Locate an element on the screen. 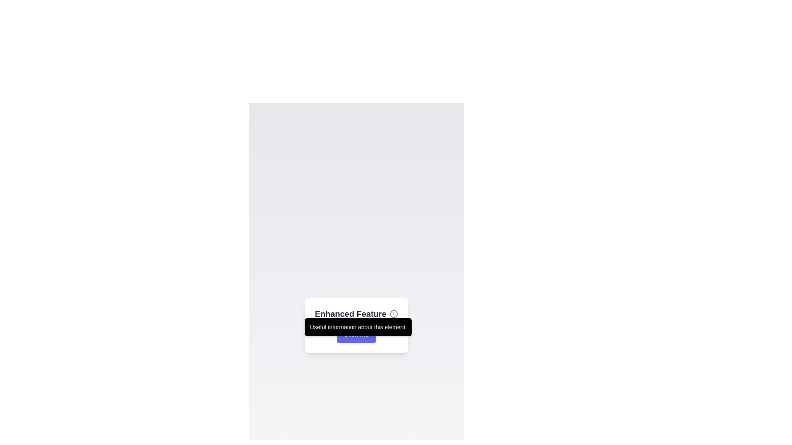 This screenshot has height=445, width=792. the information icon adjacent to the header text, which provides additional context about the section is located at coordinates (356, 314).